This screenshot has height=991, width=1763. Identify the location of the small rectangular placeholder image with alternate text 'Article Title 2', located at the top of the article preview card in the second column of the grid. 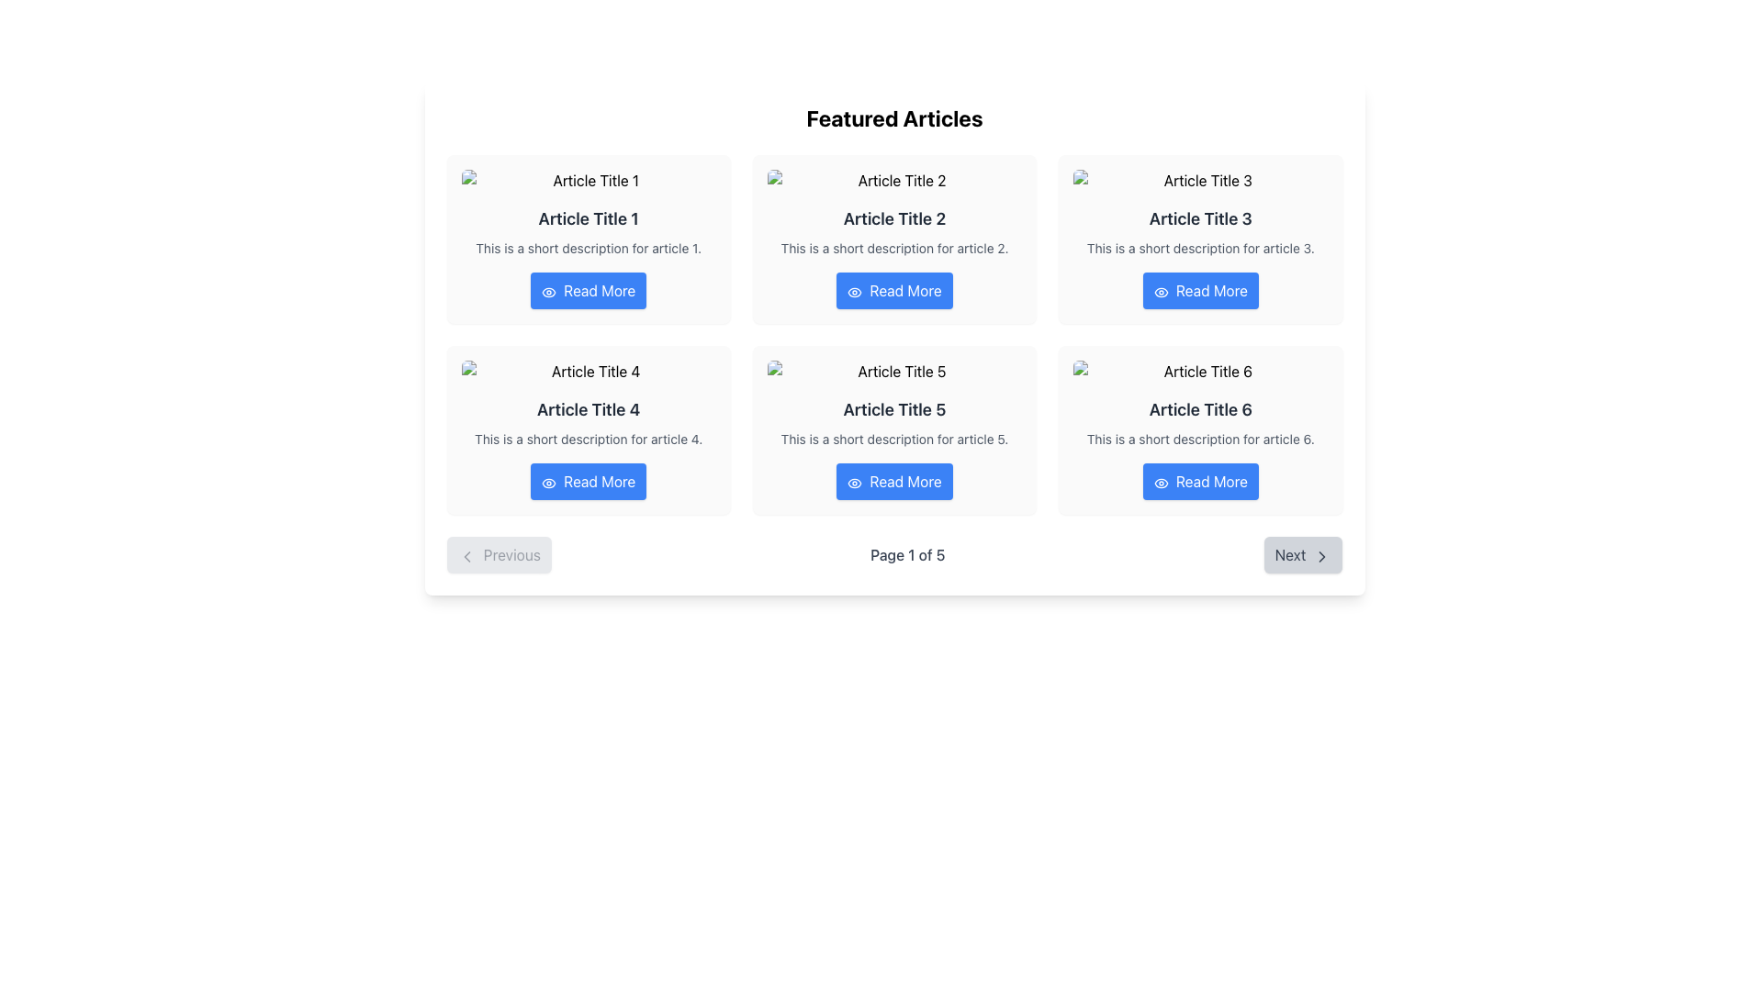
(894, 180).